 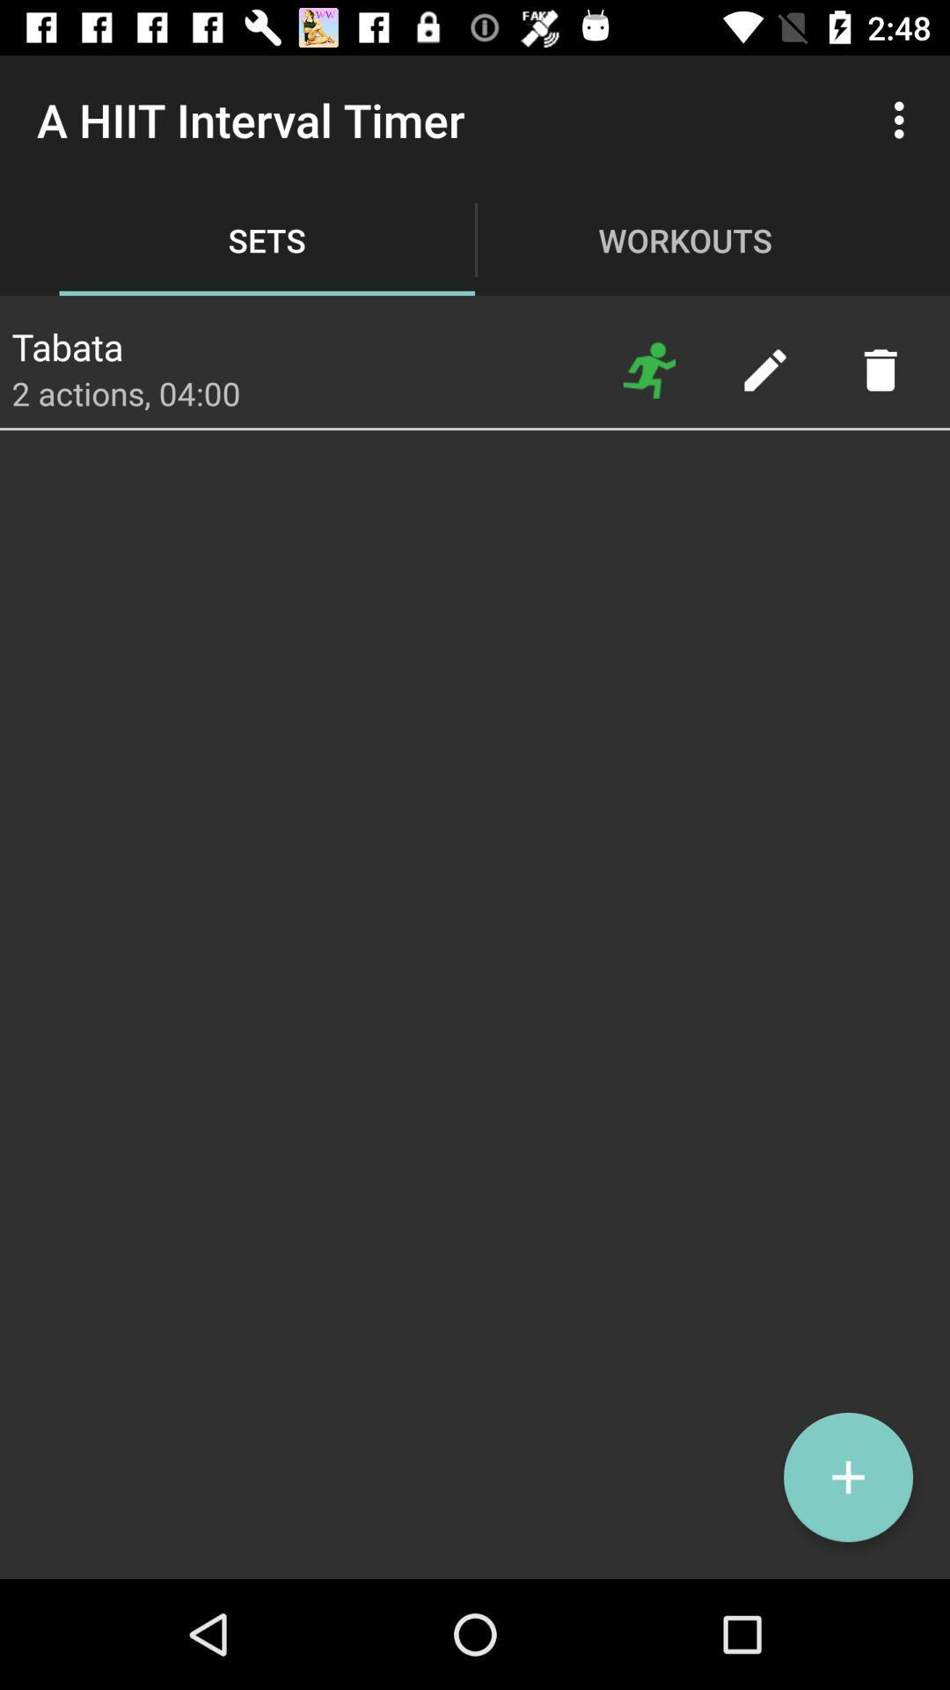 I want to click on tabata icon, so click(x=66, y=342).